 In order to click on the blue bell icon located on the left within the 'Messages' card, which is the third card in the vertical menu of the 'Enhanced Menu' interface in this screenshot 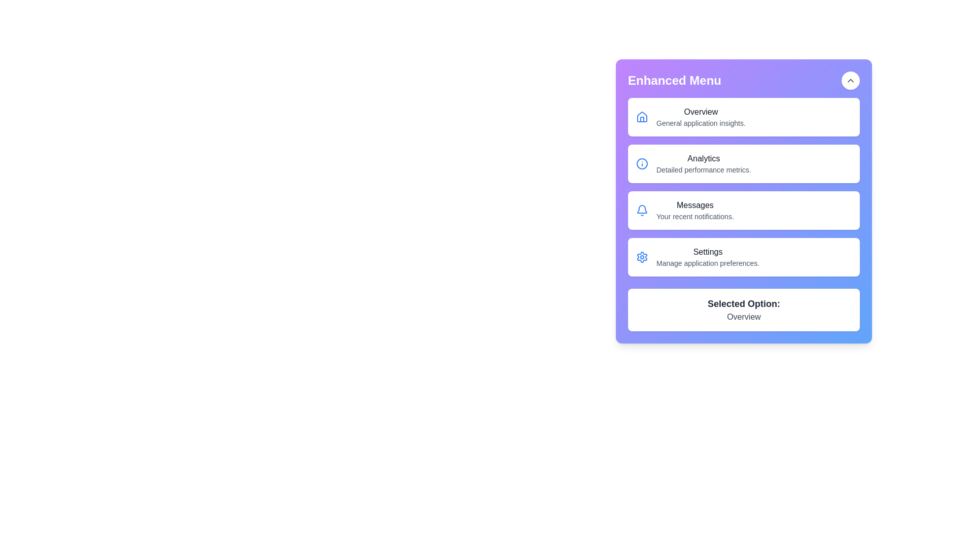, I will do `click(642, 210)`.